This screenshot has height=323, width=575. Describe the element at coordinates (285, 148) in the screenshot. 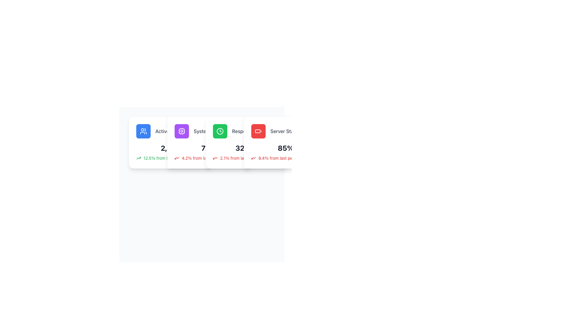

I see `the text indicating the server status percentage, which is centrally aligned within the 'Server Status' section and located above the smaller text '8.4% from last period'` at that location.